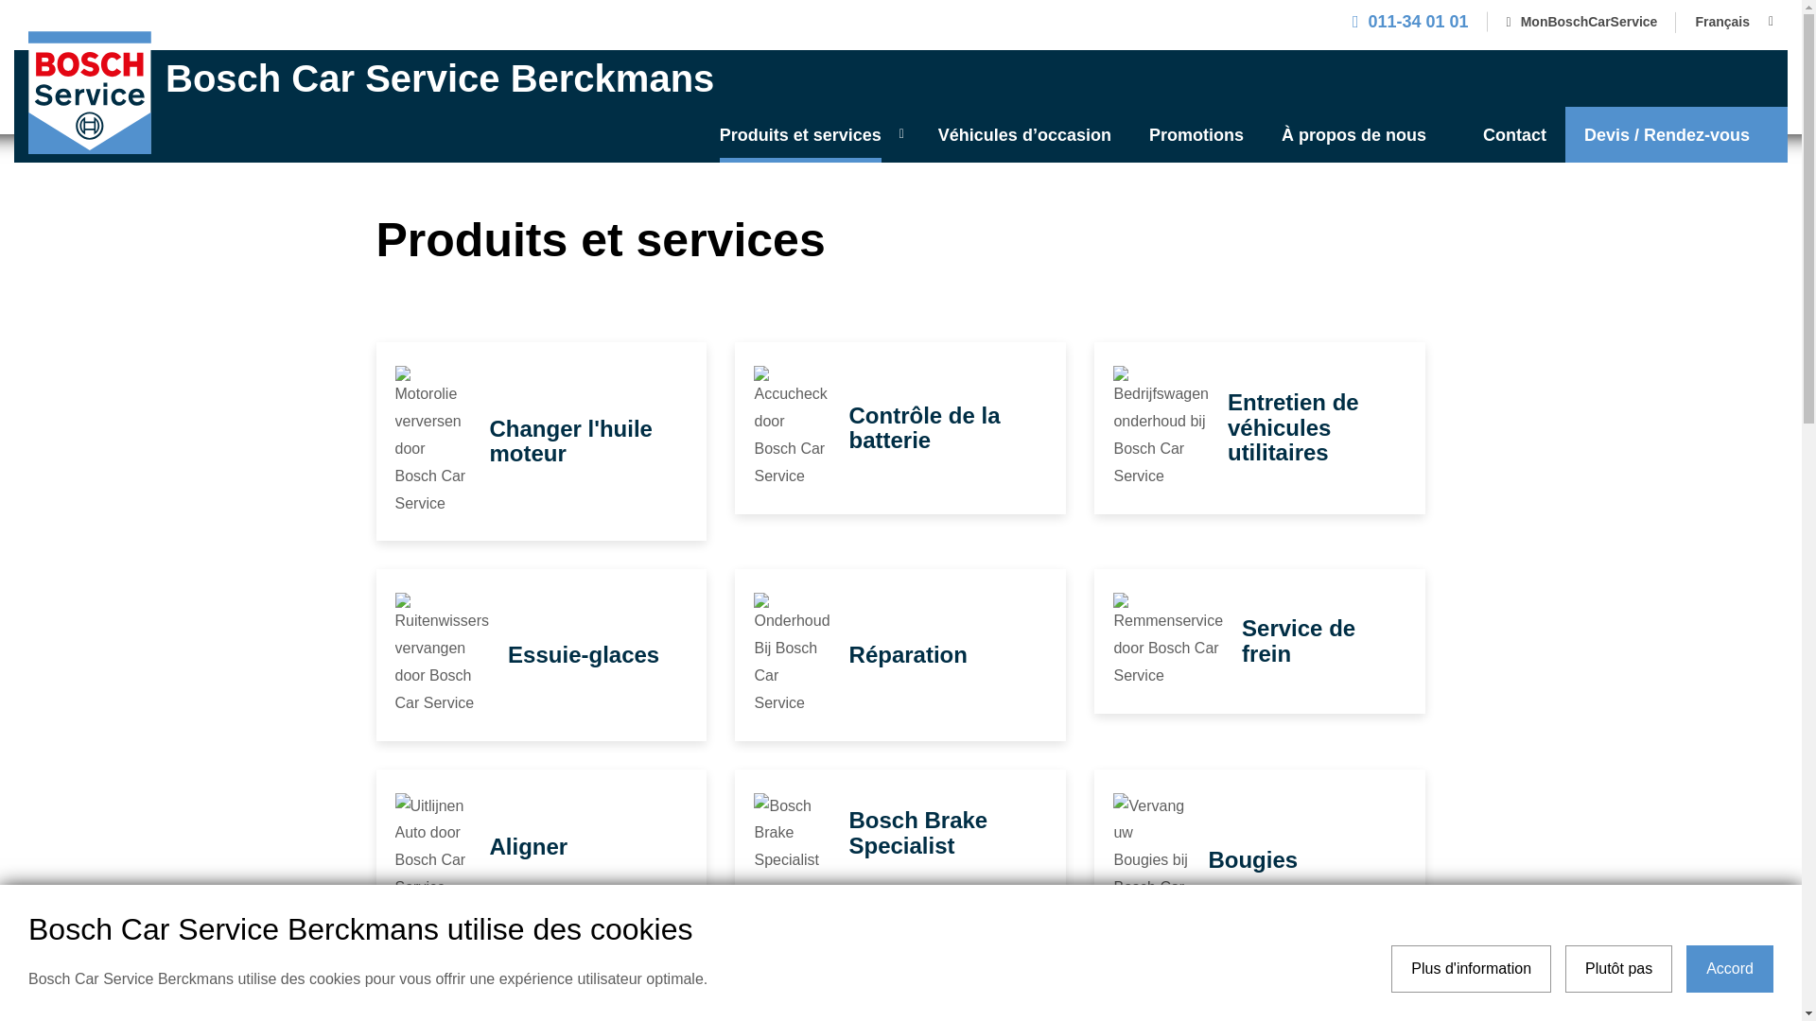  What do you see at coordinates (917, 831) in the screenshot?
I see `'Bosch Brake Specialist'` at bounding box center [917, 831].